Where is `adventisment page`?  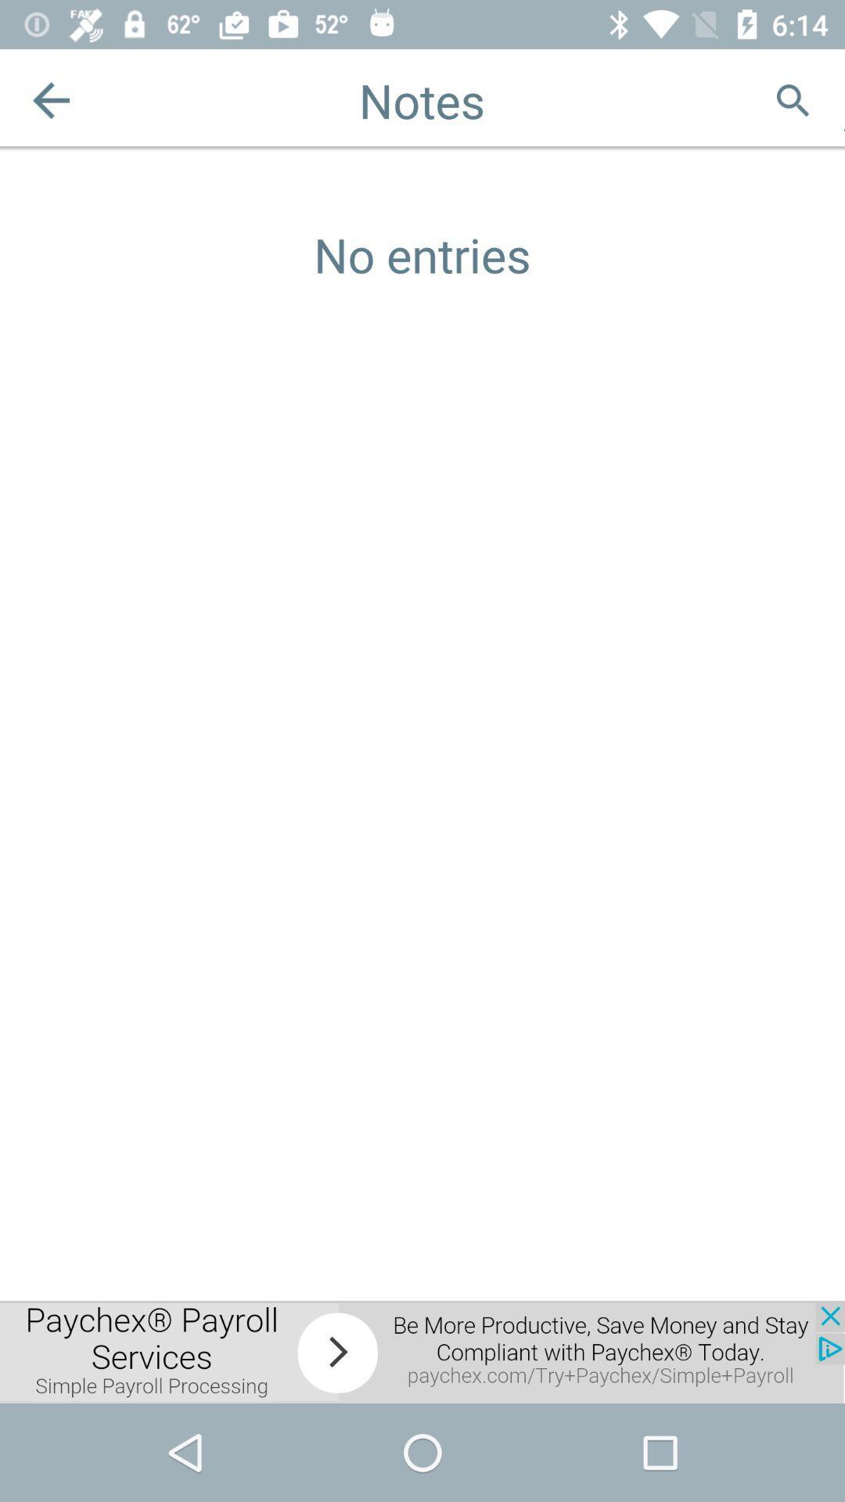 adventisment page is located at coordinates (843, 99).